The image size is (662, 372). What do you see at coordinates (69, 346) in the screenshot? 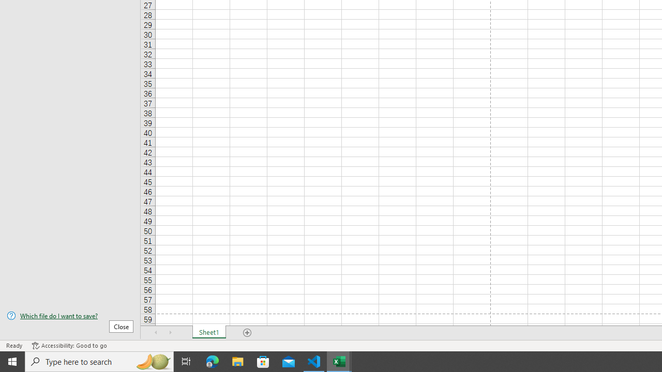
I see `'Accessibility Checker Accessibility: Good to go'` at bounding box center [69, 346].